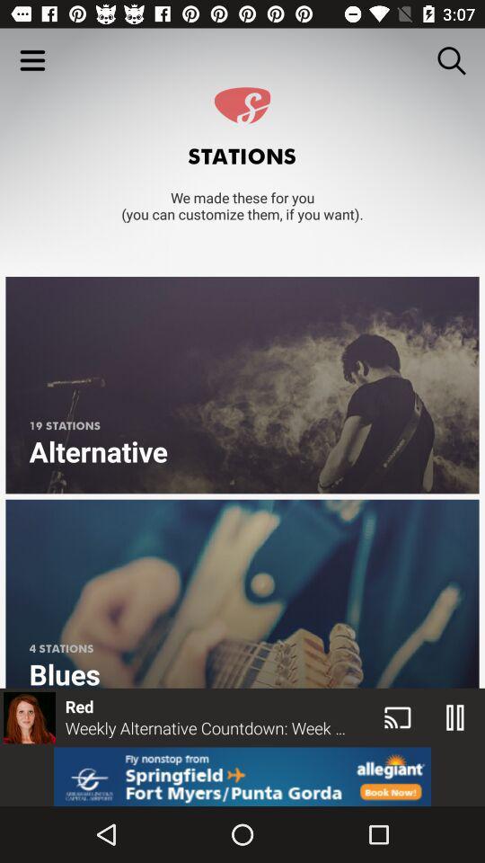  Describe the element at coordinates (455, 717) in the screenshot. I see `play button at the bottom right corner of the web page` at that location.